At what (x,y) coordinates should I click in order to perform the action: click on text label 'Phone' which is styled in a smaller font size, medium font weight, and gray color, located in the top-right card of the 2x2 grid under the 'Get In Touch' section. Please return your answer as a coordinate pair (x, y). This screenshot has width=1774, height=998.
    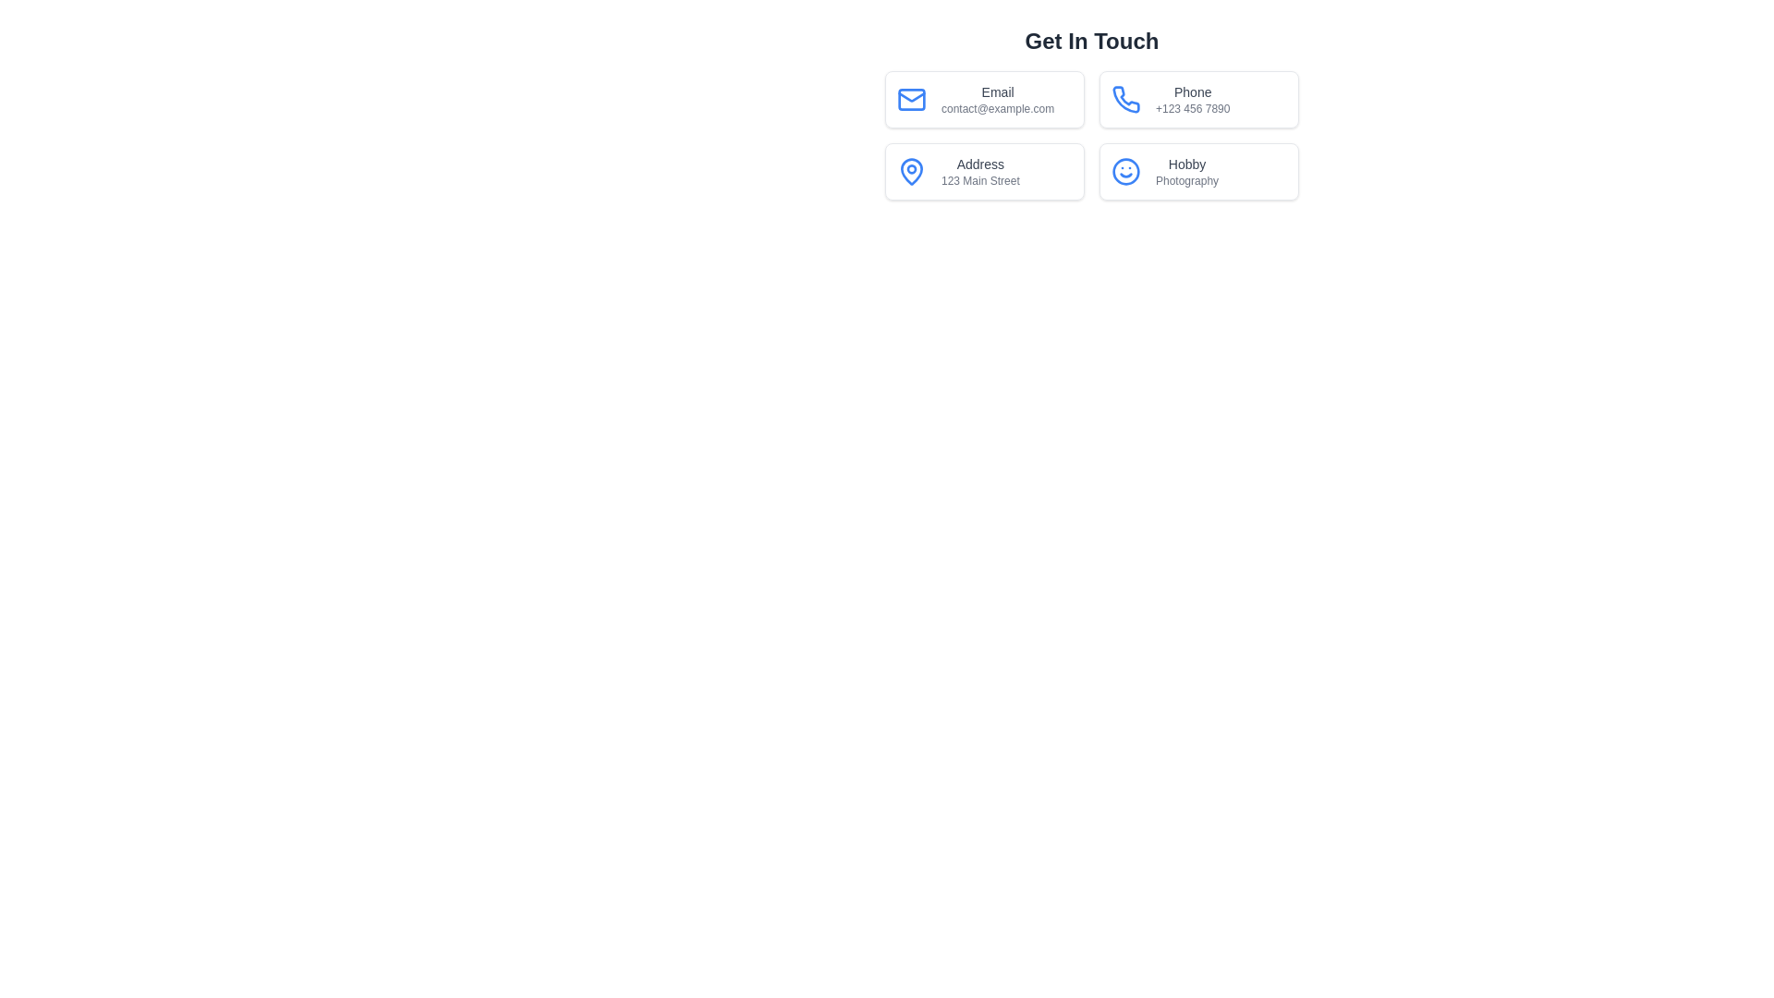
    Looking at the image, I should click on (1193, 92).